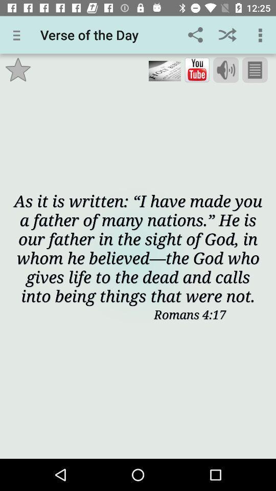 Image resolution: width=276 pixels, height=491 pixels. What do you see at coordinates (138, 248) in the screenshot?
I see `the as it is icon` at bounding box center [138, 248].